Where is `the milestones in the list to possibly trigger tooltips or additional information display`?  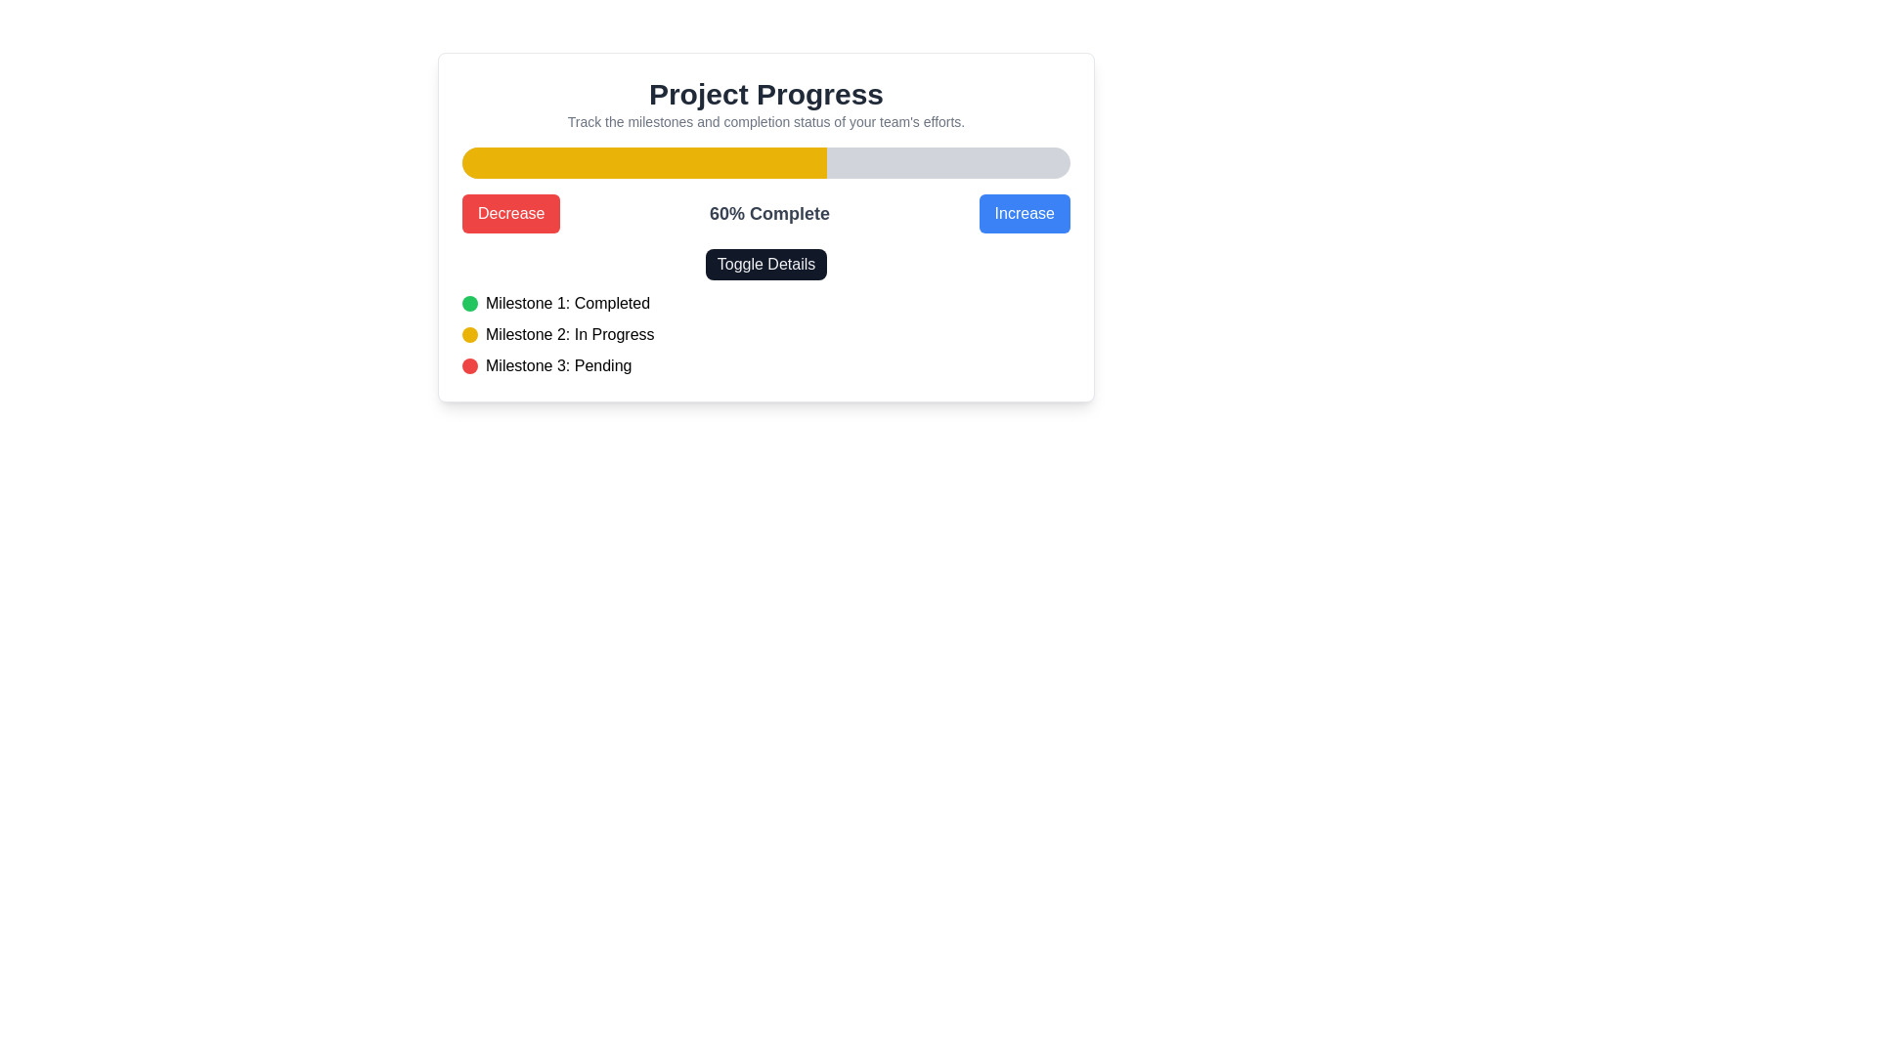 the milestones in the list to possibly trigger tooltips or additional information display is located at coordinates (764, 312).